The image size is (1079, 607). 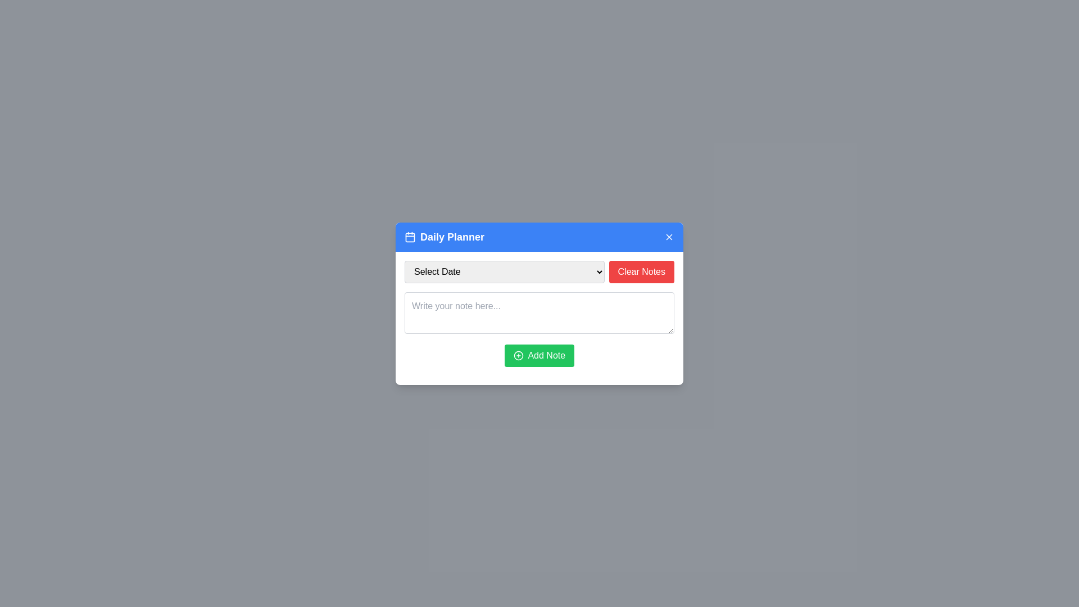 What do you see at coordinates (504, 271) in the screenshot?
I see `a date from the dropdown menu labeled 'Select Date' which has a light gray background and a downward-pointing arrow on the right` at bounding box center [504, 271].